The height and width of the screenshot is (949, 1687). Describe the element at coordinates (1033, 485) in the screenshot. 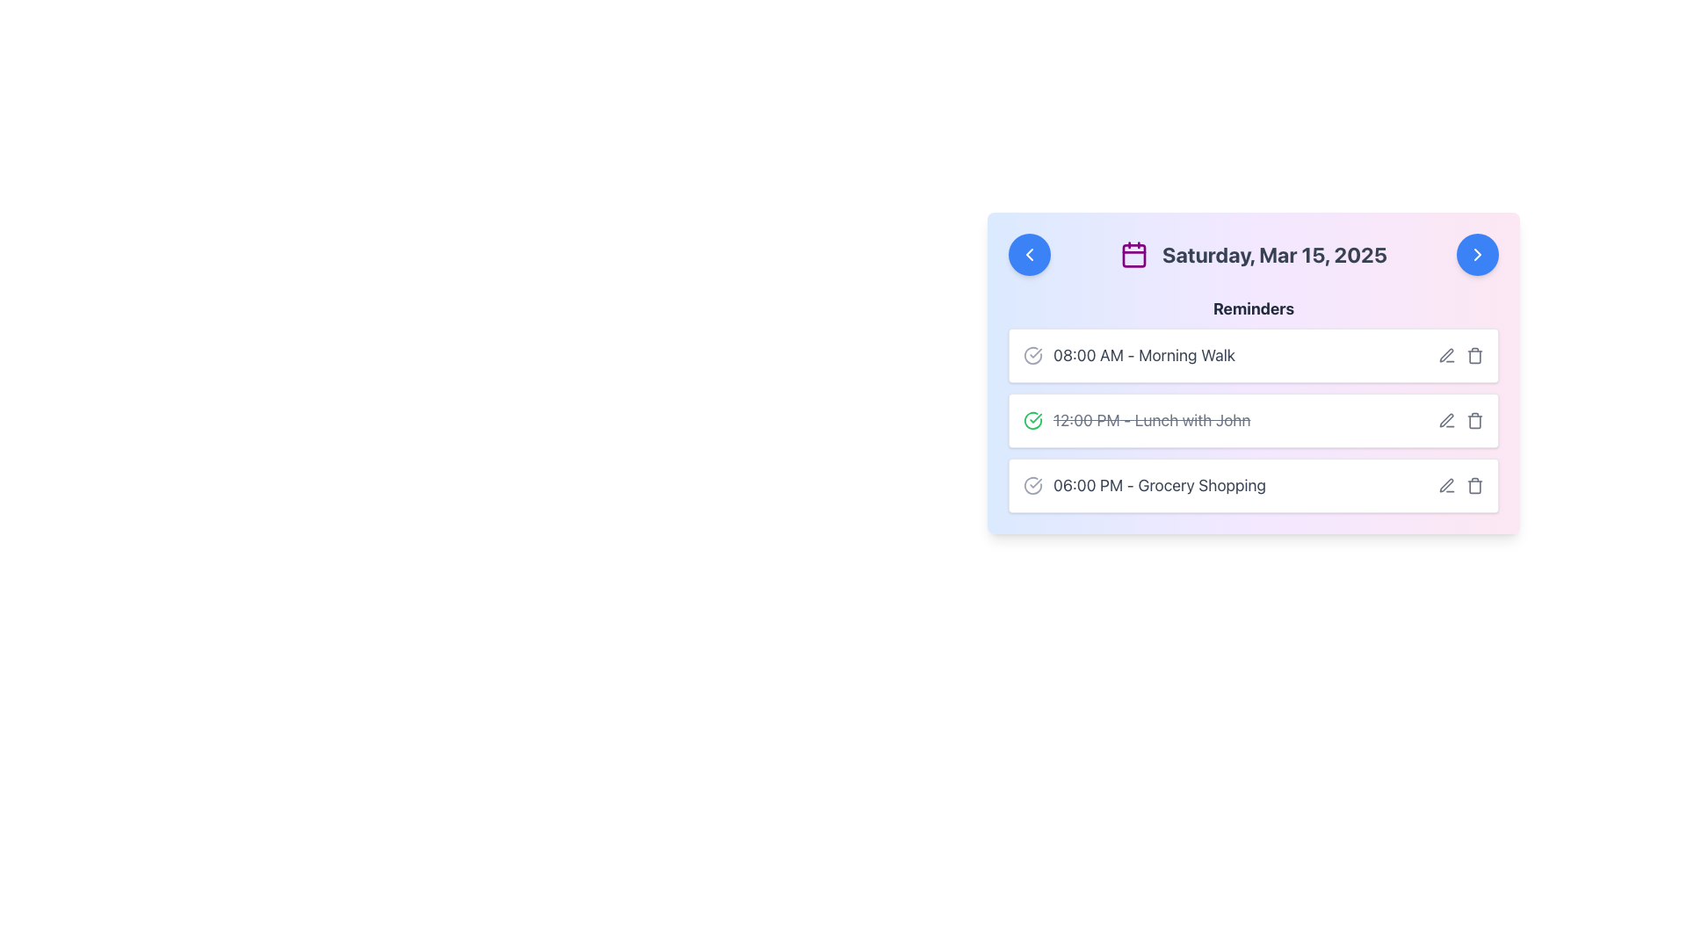

I see `the interactive circular icon with a checkmark inside, located to the left of the reminder item labeled '06:00 PM - Grocery Shopping'` at that location.